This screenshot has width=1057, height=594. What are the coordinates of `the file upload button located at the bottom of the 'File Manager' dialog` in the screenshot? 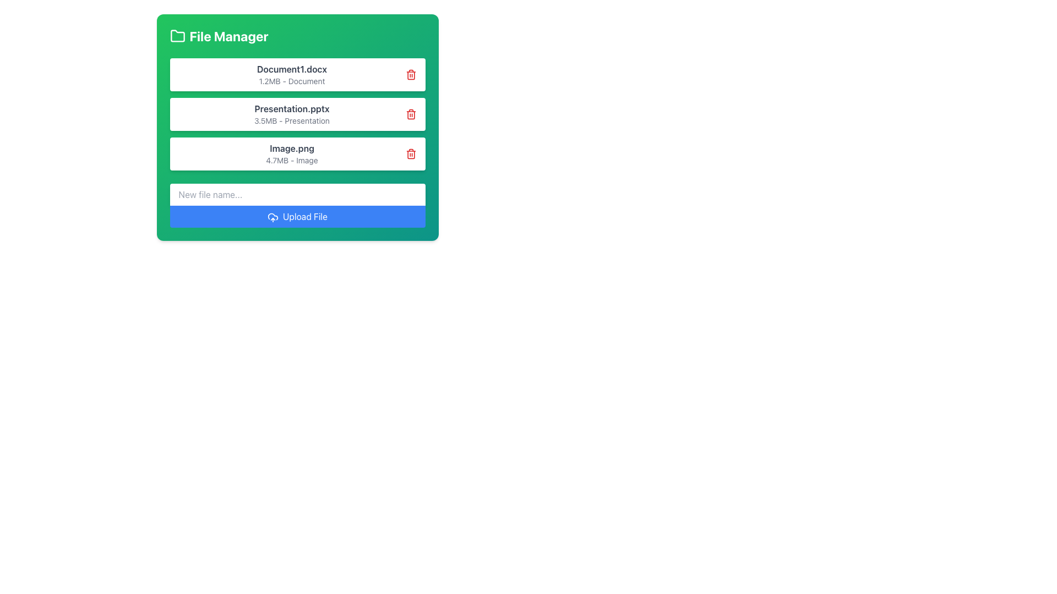 It's located at (297, 216).